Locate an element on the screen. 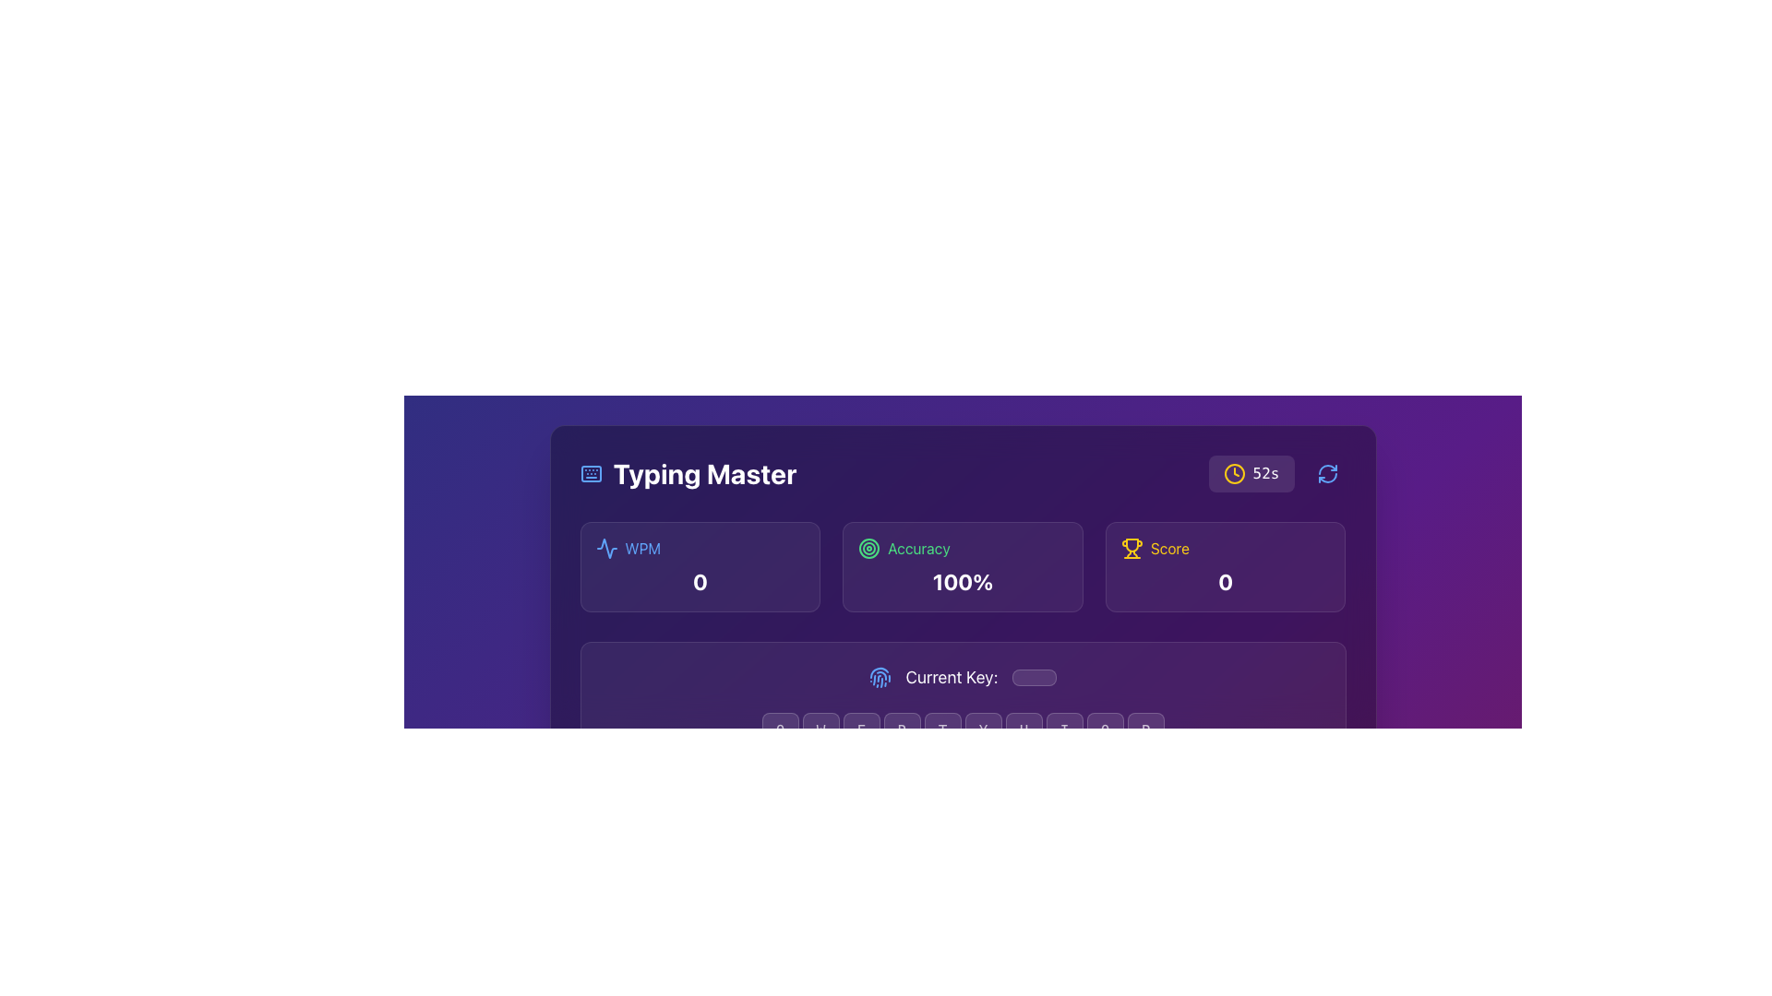 This screenshot has width=1772, height=996. the outermost circle of three concentric circles in the 'Accuracy' section, which is part of a graphical SVG element representing performance statistics is located at coordinates (868, 547).